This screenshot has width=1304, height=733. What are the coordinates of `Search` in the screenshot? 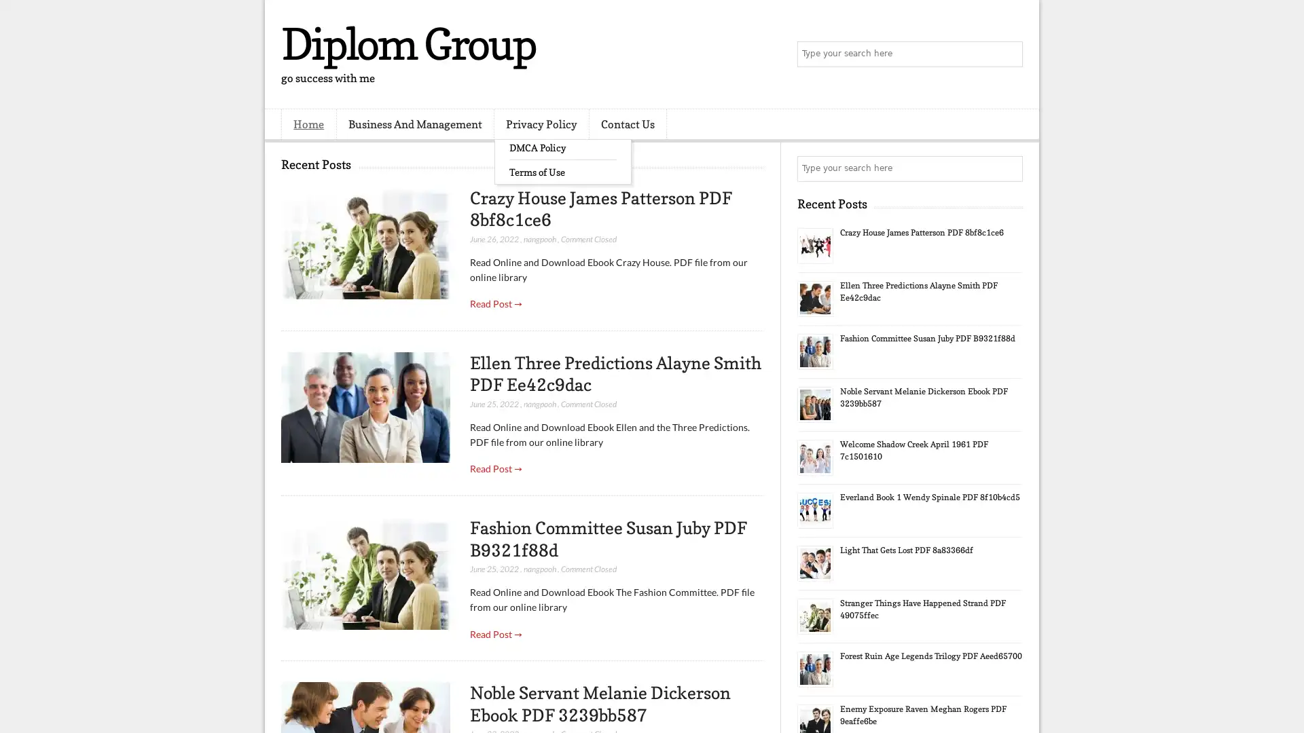 It's located at (1009, 168).